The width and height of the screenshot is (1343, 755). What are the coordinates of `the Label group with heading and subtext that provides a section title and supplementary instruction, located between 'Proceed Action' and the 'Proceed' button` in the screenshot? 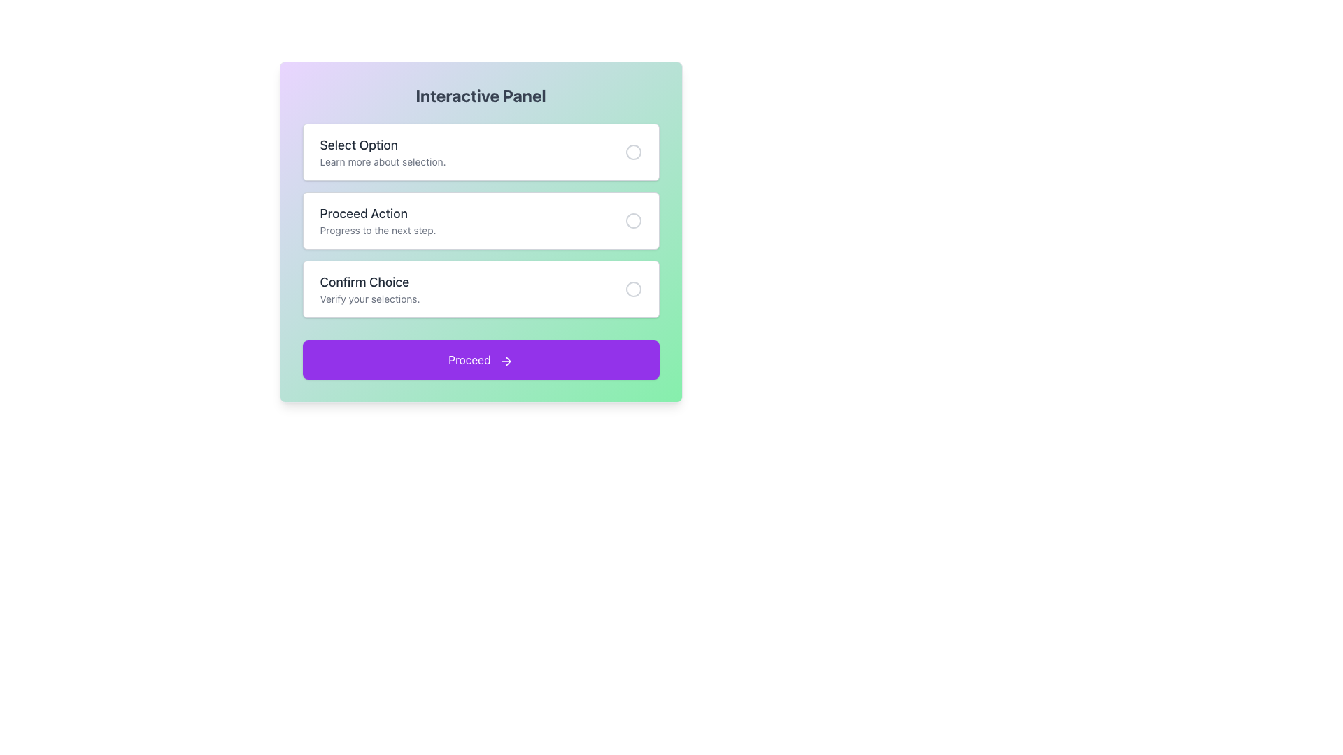 It's located at (369, 288).